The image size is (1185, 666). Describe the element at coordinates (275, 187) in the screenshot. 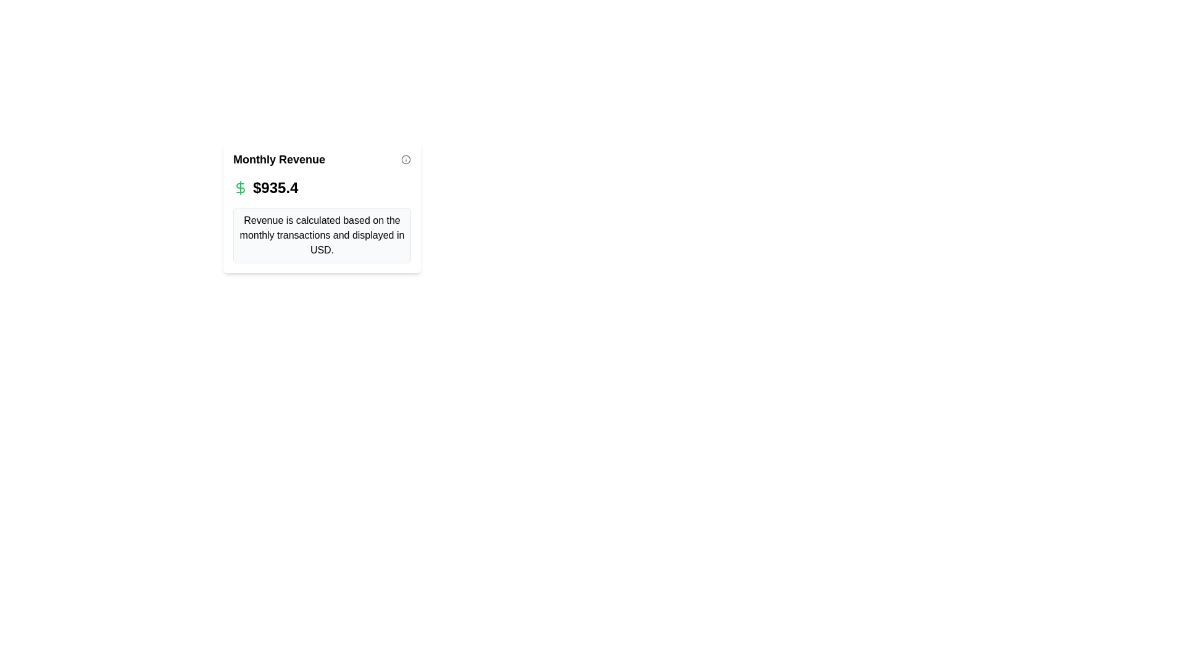

I see `the informational Text Label displaying the total revenue amount, located to the right of the green dollar sign icon in the 'Monthly Revenue' section` at that location.